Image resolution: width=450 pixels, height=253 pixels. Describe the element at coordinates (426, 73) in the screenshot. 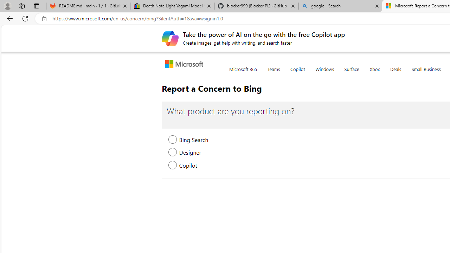

I see `'Small Business'` at that location.